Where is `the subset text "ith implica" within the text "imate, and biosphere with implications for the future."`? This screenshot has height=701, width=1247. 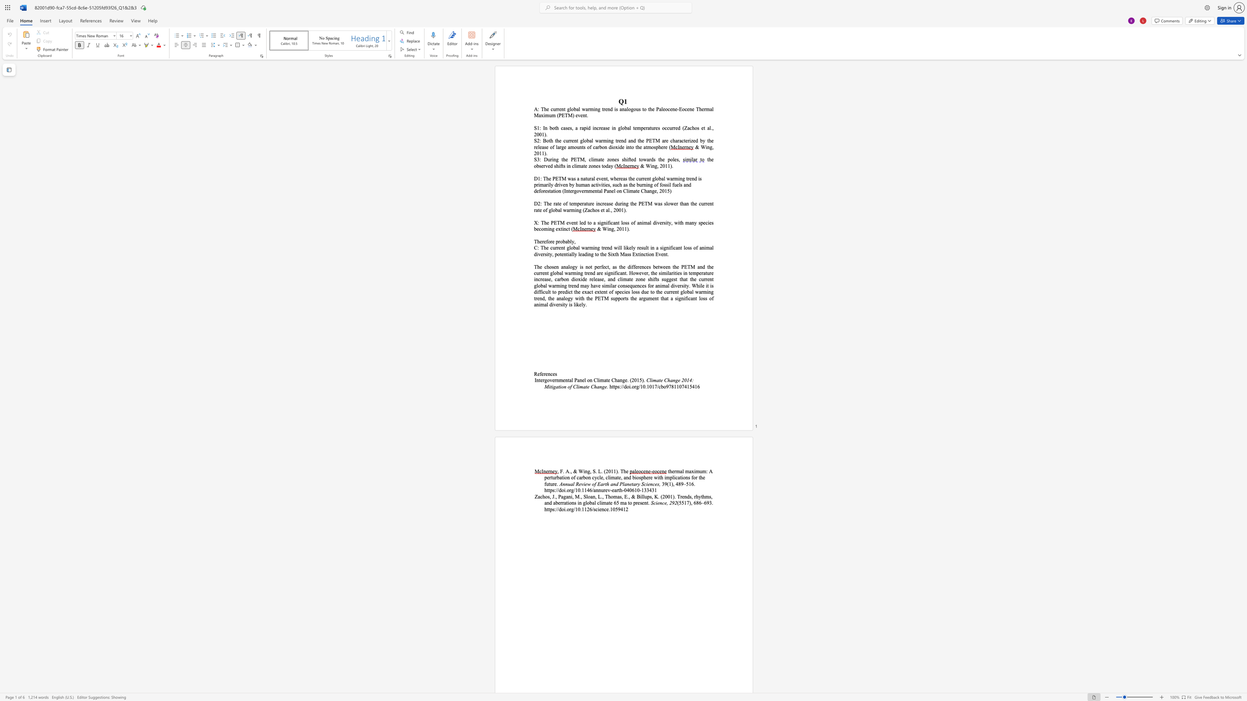
the subset text "ith implica" within the text "imate, and biosphere with implications for the future." is located at coordinates (657, 477).